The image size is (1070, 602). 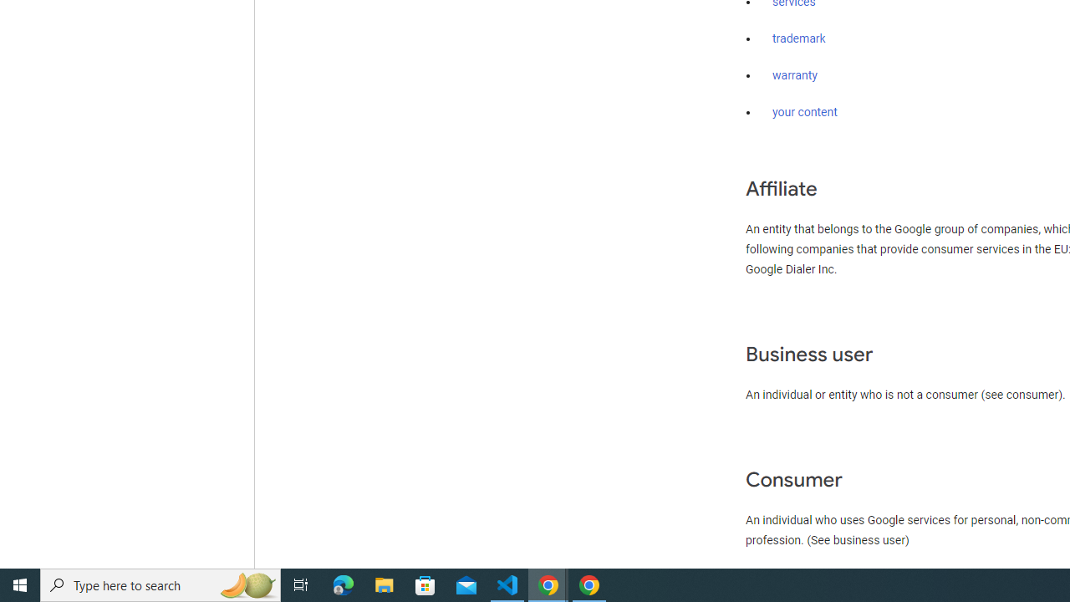 I want to click on 'your content', so click(x=805, y=113).